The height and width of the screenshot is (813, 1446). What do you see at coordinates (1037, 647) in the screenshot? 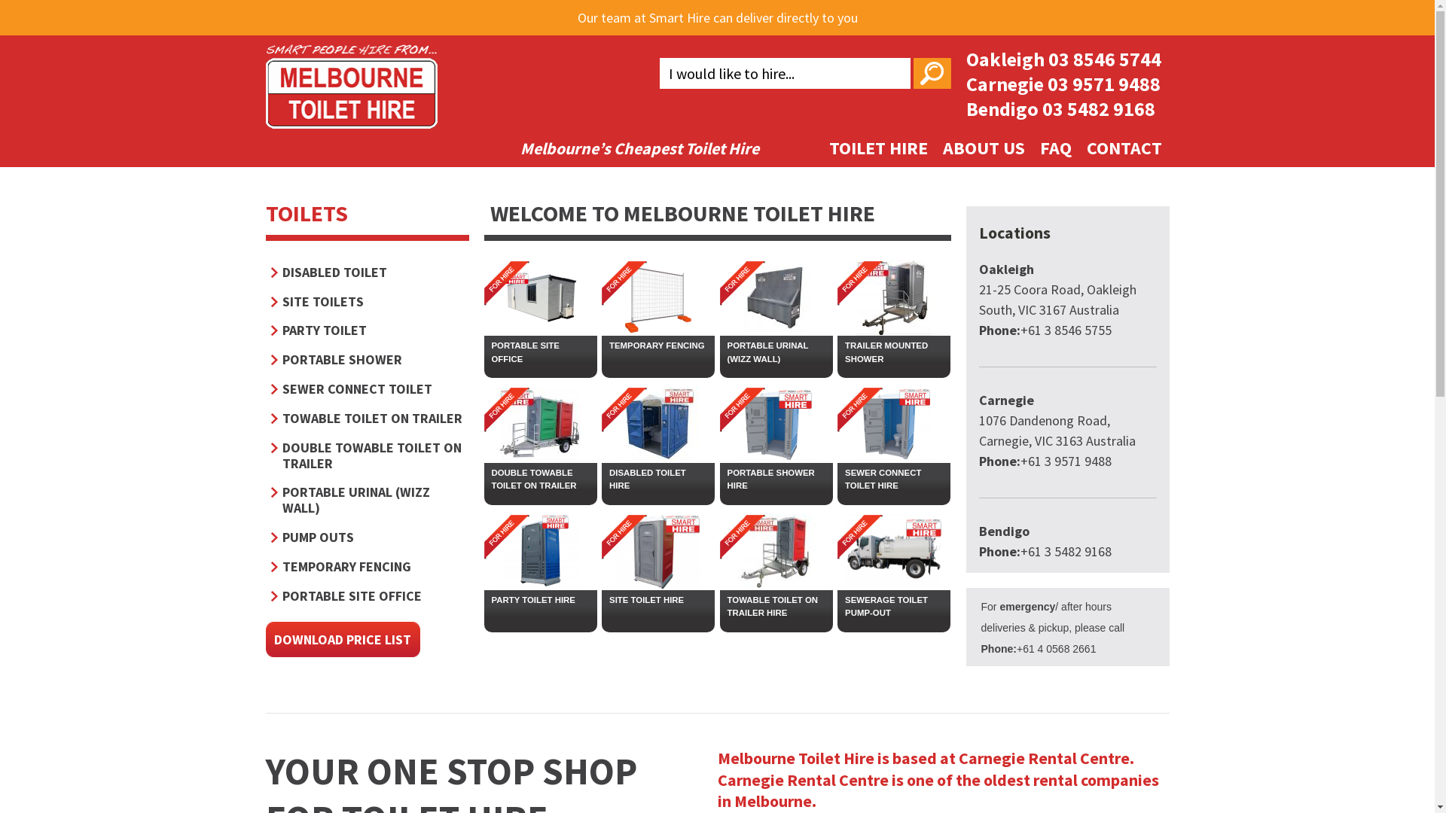
I see `'Phone:+61 4 0568 2661'` at bounding box center [1037, 647].